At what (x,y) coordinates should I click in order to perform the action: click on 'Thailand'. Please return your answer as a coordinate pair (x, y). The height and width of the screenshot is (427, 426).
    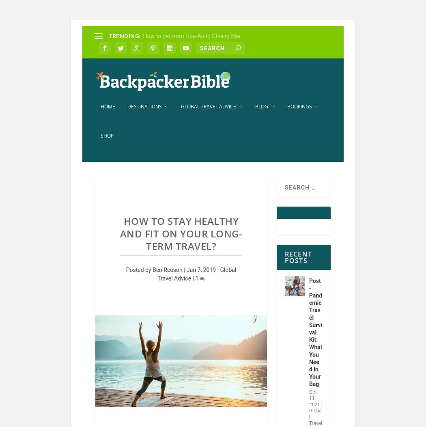
    Looking at the image, I should click on (171, 339).